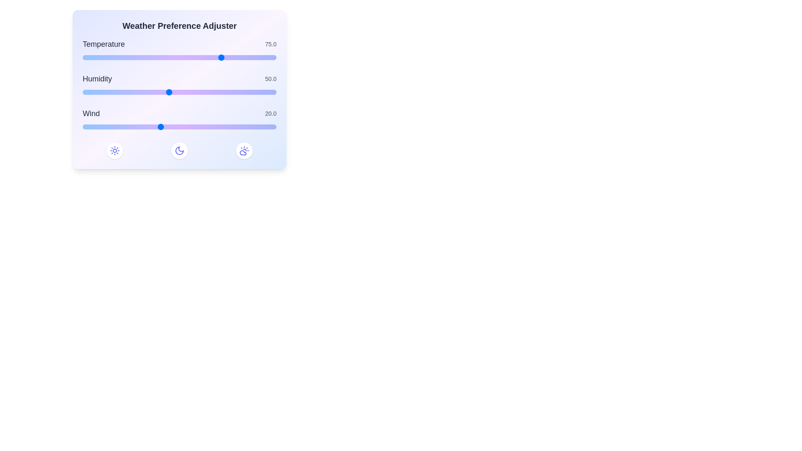 The image size is (802, 451). I want to click on wind value, so click(256, 127).